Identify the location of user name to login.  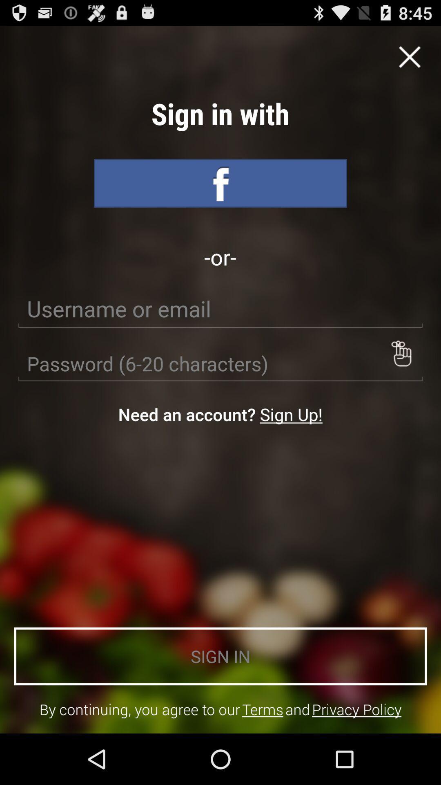
(220, 308).